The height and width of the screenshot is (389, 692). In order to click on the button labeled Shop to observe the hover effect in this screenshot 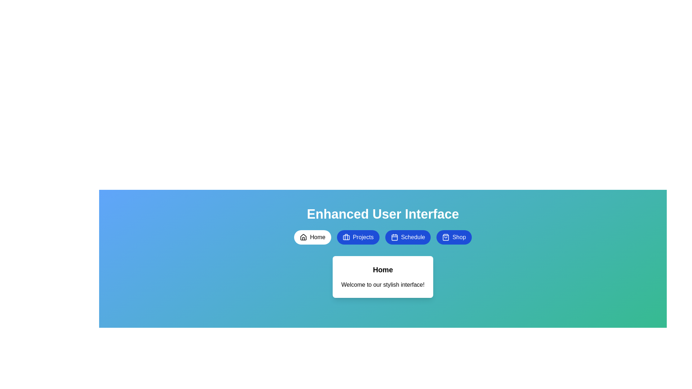, I will do `click(454, 237)`.